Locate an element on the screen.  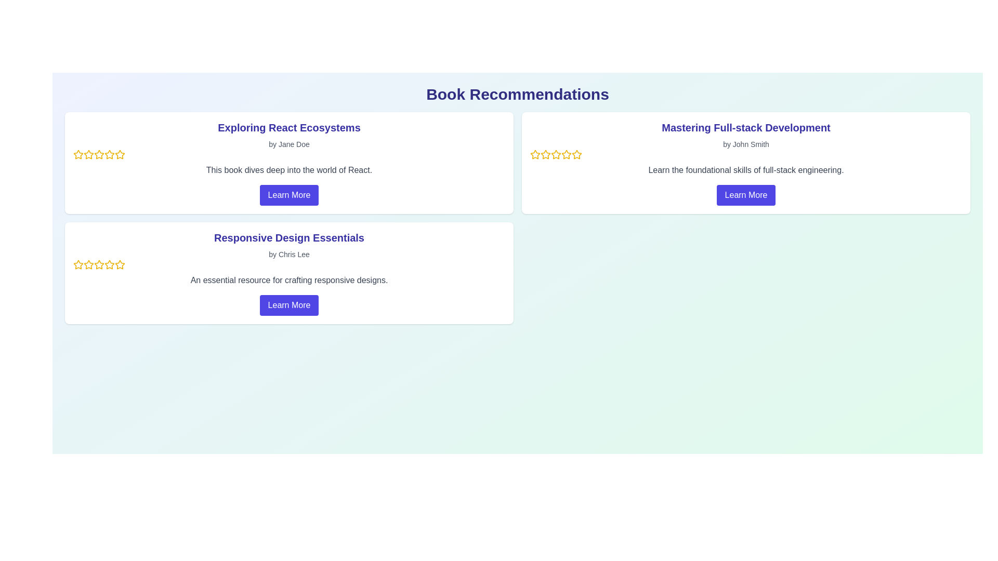
the fifth yellow star icon in the rating widget for 'Responsive Design Essentials' is located at coordinates (99, 264).